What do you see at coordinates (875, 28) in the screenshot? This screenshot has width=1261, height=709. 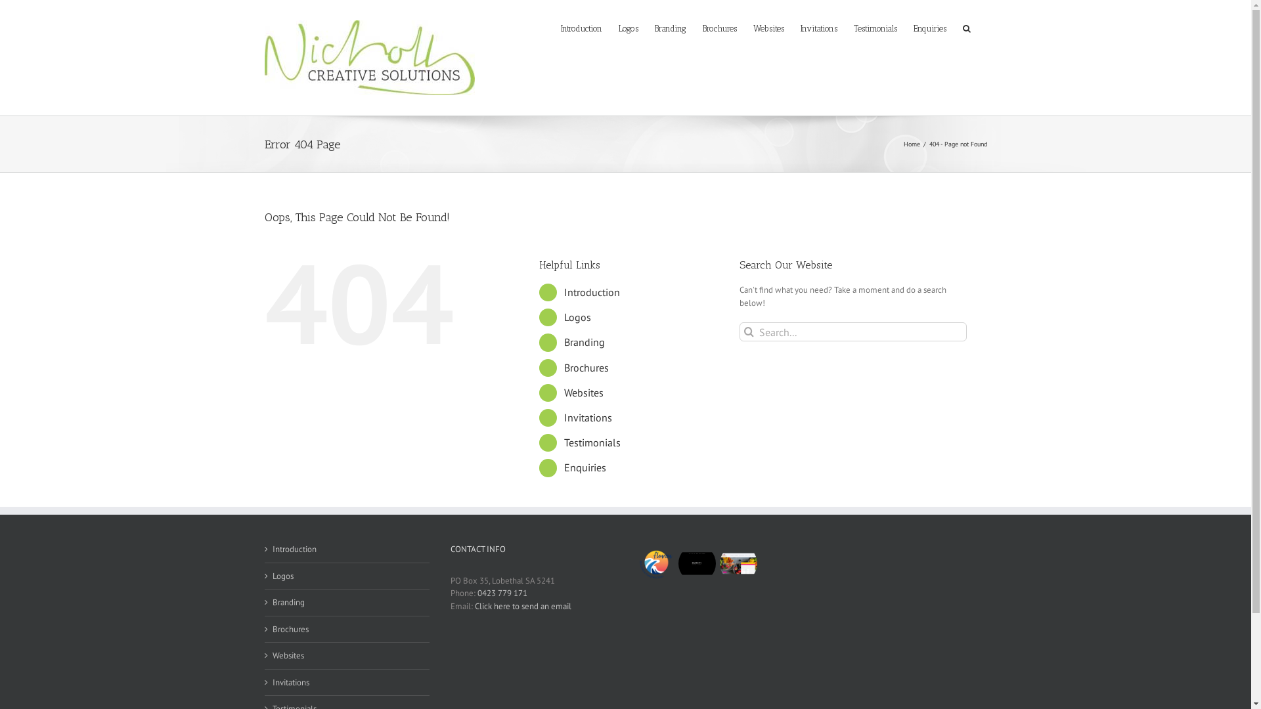 I see `'Testimonials'` at bounding box center [875, 28].